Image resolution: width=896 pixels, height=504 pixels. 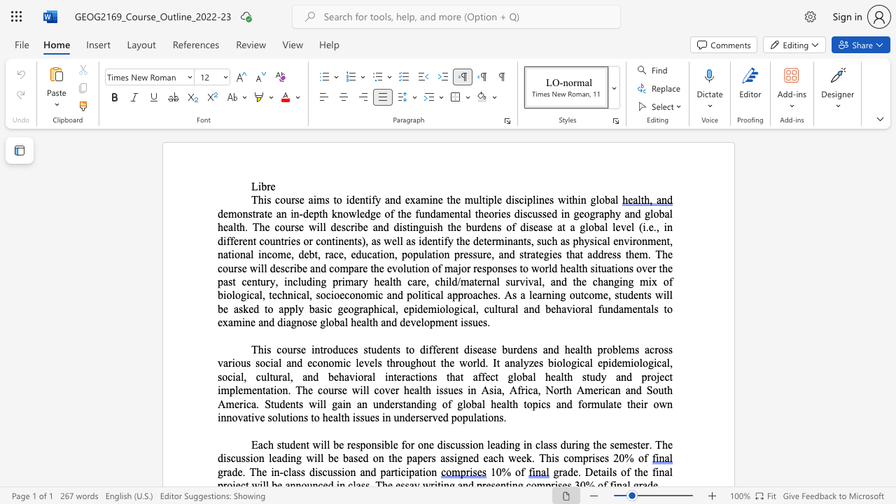 I want to click on the 12th character "r" in the text, so click(x=475, y=268).